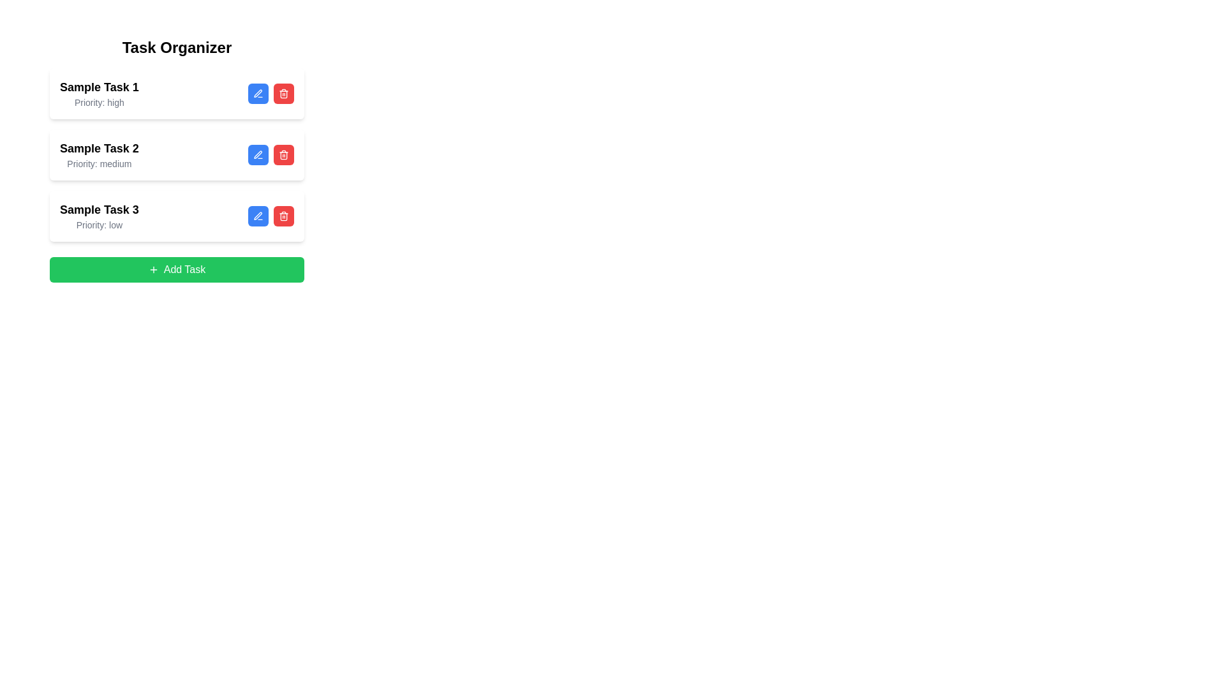 This screenshot has height=689, width=1225. What do you see at coordinates (283, 154) in the screenshot?
I see `the red rounded rectangular button with a white trash can icon, located to the right of 'Sample Task 2' and the blue edit button` at bounding box center [283, 154].